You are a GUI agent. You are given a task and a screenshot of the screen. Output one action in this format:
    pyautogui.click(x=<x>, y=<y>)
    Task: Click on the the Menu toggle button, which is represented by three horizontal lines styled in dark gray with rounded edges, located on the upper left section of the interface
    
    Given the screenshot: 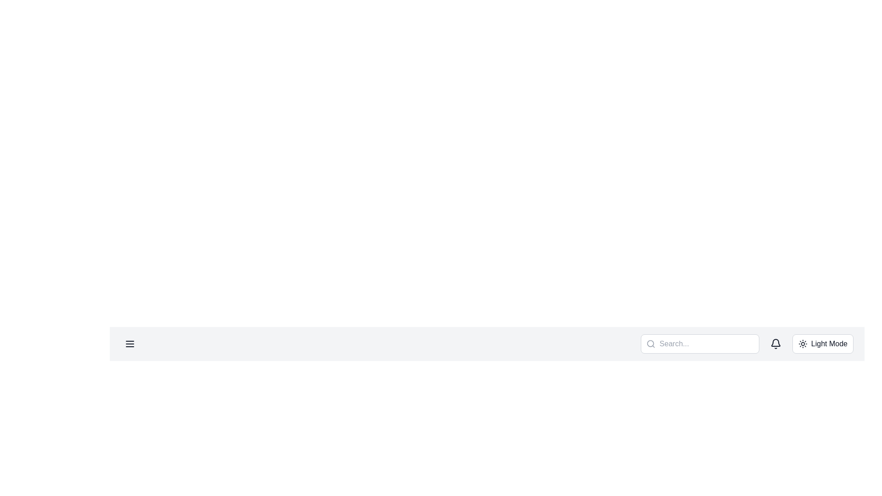 What is the action you would take?
    pyautogui.click(x=130, y=344)
    